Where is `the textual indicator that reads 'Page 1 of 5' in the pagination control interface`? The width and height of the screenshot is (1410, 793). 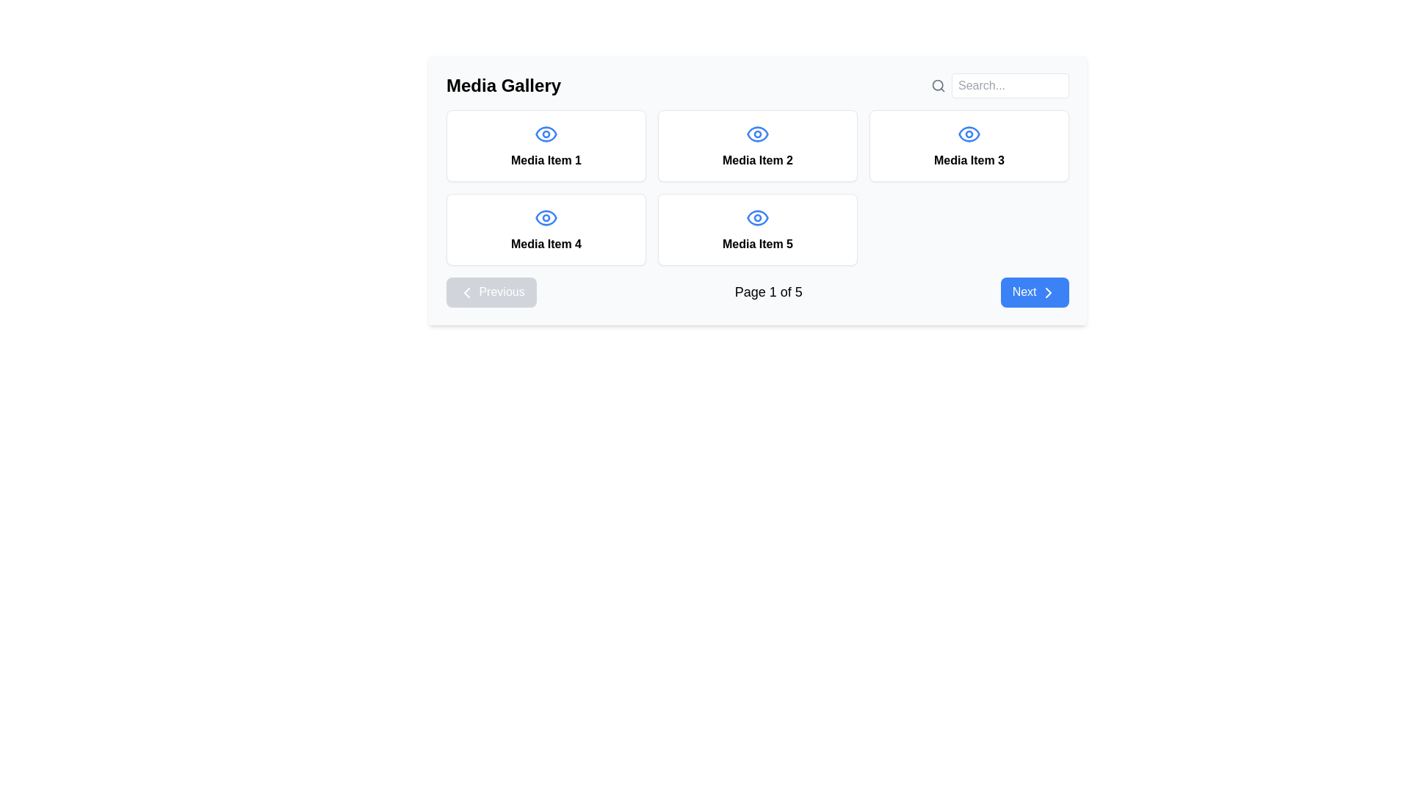
the textual indicator that reads 'Page 1 of 5' in the pagination control interface is located at coordinates (767, 292).